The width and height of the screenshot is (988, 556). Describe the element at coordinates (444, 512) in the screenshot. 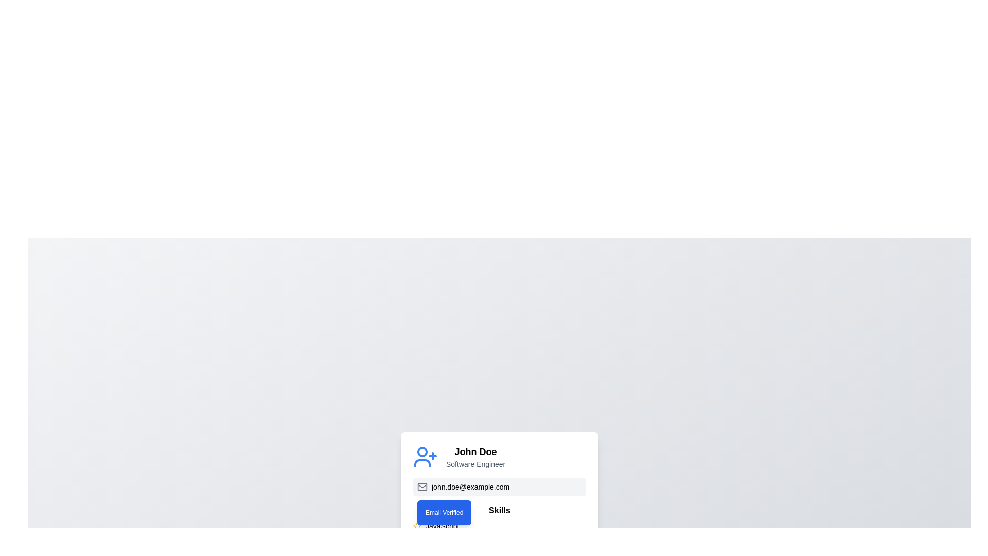

I see `the 'Email Verified' status indicator badge, which is a rectangular notification with a blue background and white text, located below the email address 'john.doe@example.com'` at that location.